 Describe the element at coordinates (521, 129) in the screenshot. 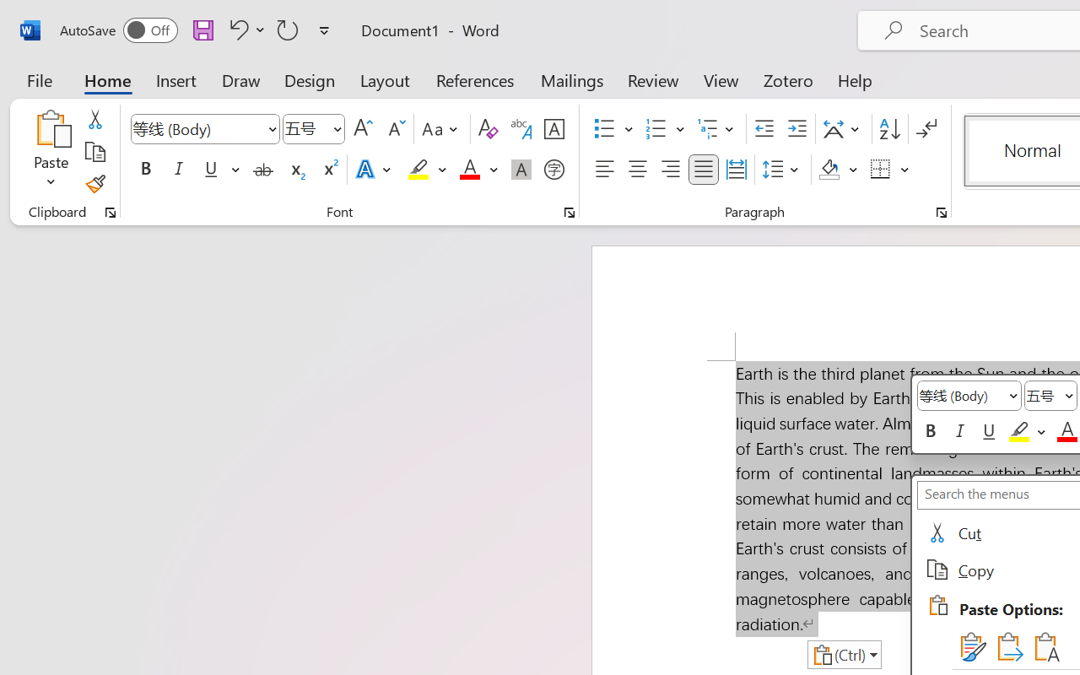

I see `'Phonetic Guide...'` at that location.